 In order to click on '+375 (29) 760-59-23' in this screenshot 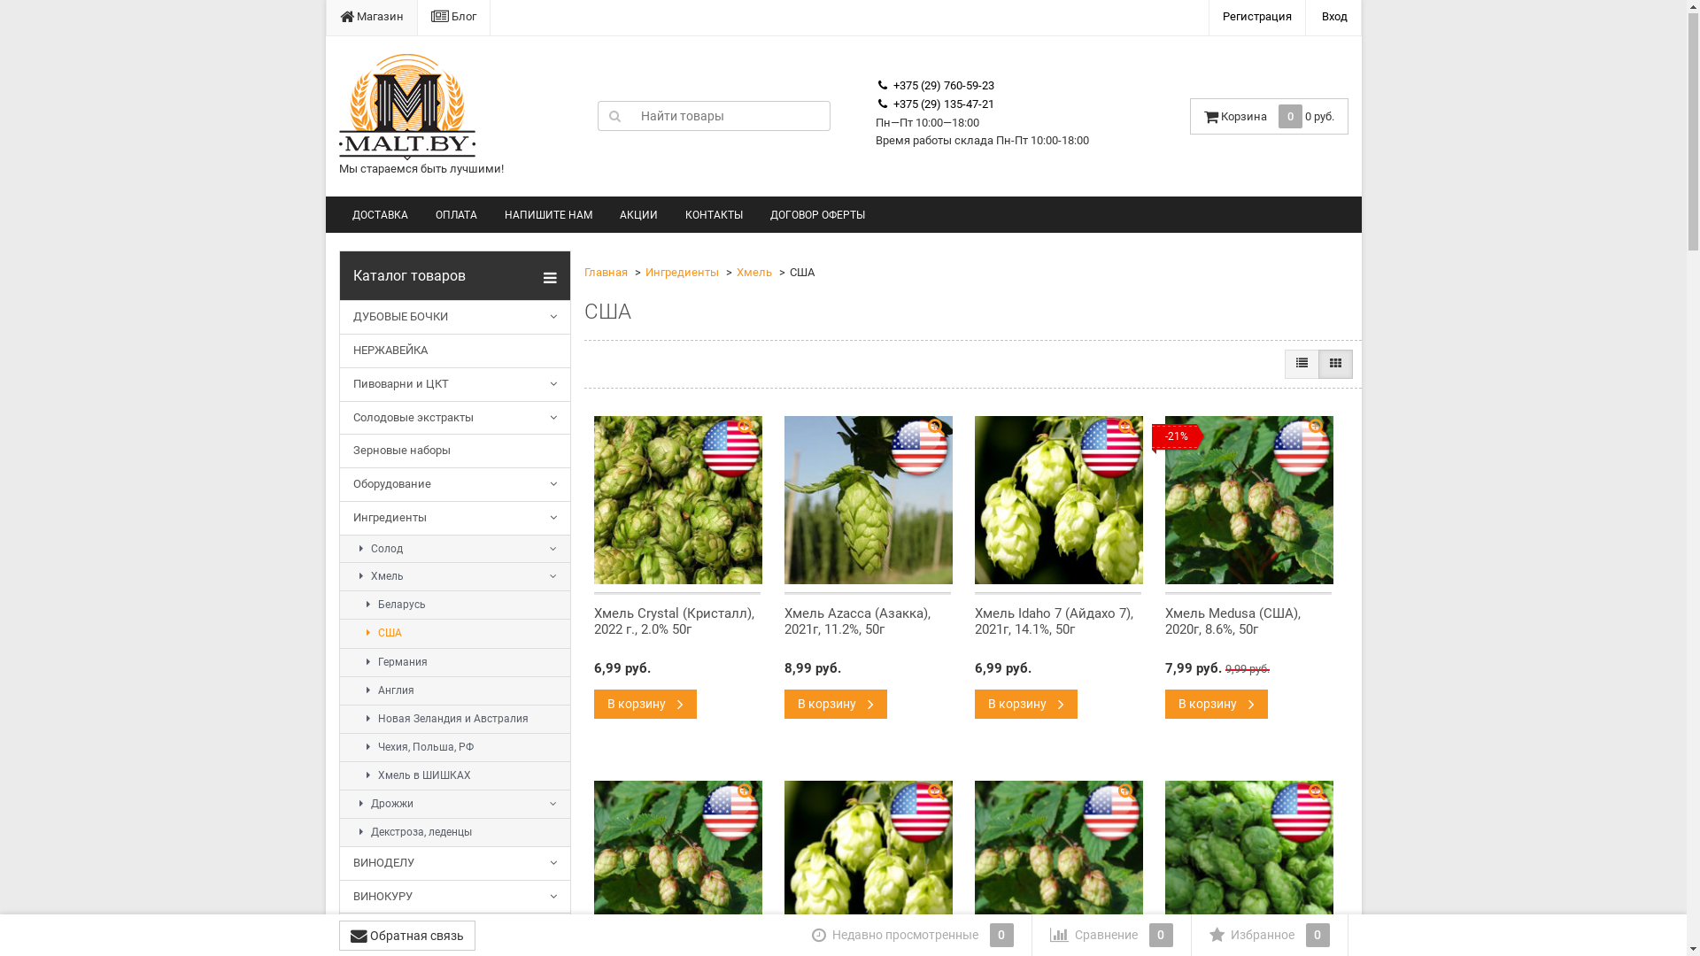, I will do `click(934, 86)`.